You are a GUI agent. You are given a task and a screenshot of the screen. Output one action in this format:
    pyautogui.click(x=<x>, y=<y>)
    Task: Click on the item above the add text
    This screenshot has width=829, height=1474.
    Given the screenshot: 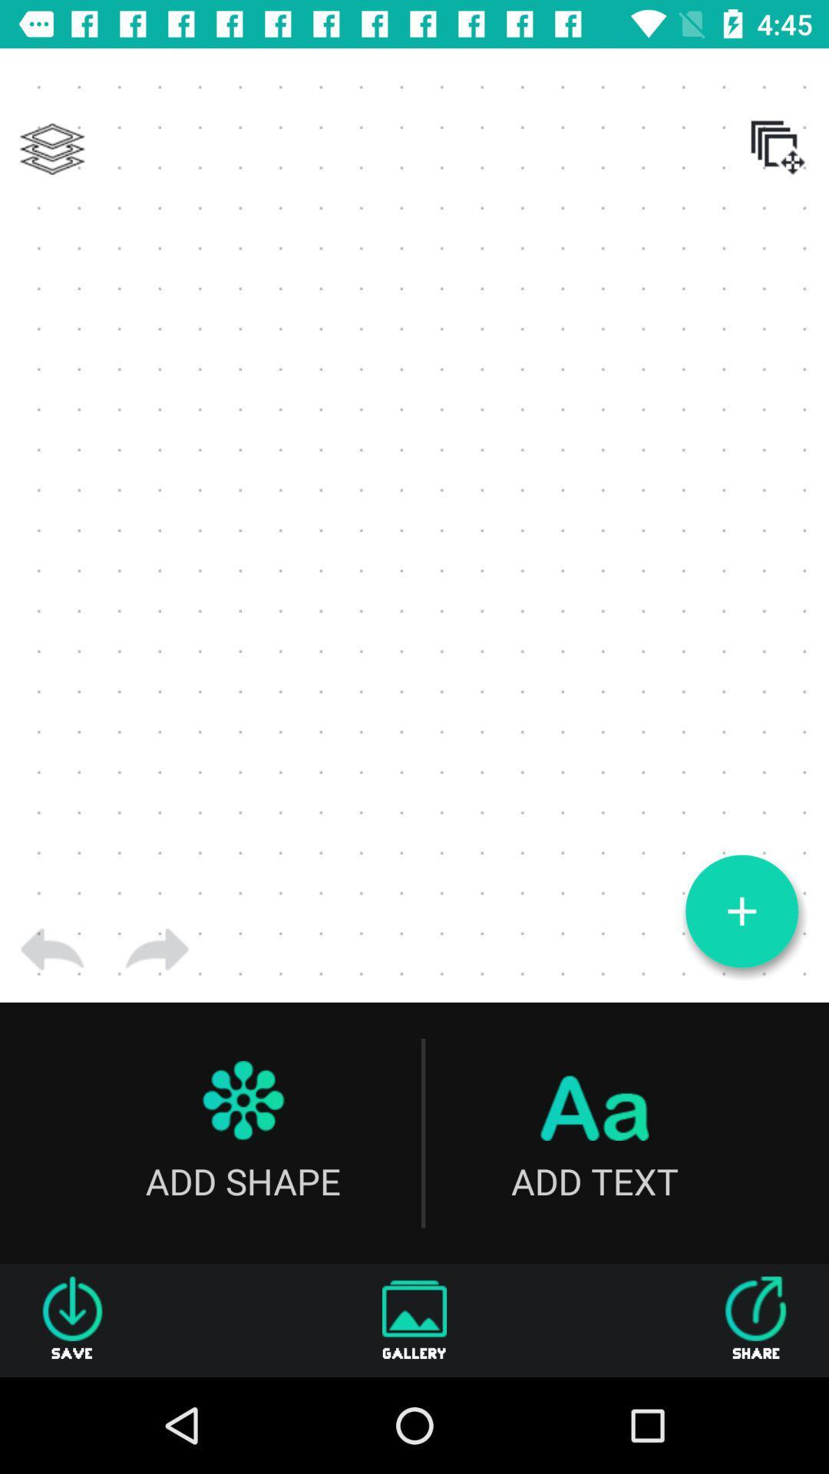 What is the action you would take?
    pyautogui.click(x=741, y=911)
    